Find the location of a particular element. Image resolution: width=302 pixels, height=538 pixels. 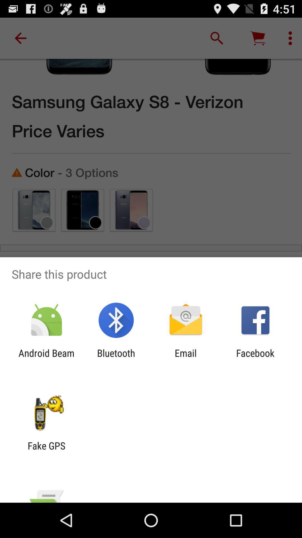

the icon next to bluetooth item is located at coordinates (186, 359).